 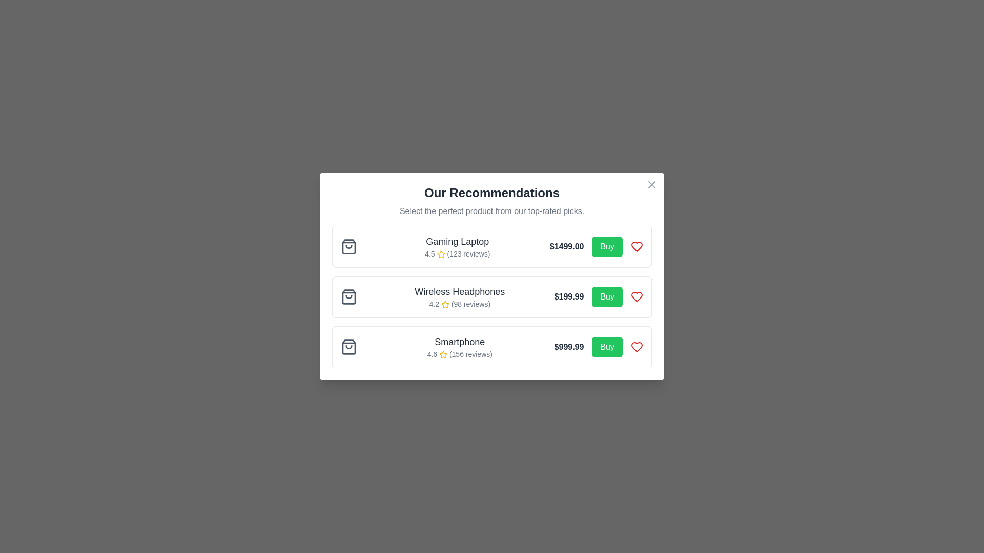 What do you see at coordinates (349, 247) in the screenshot?
I see `stylized shopping bag icon located to the left of the text 'Gaming Laptop' in the first entry of the recommendations list for additional information` at bounding box center [349, 247].